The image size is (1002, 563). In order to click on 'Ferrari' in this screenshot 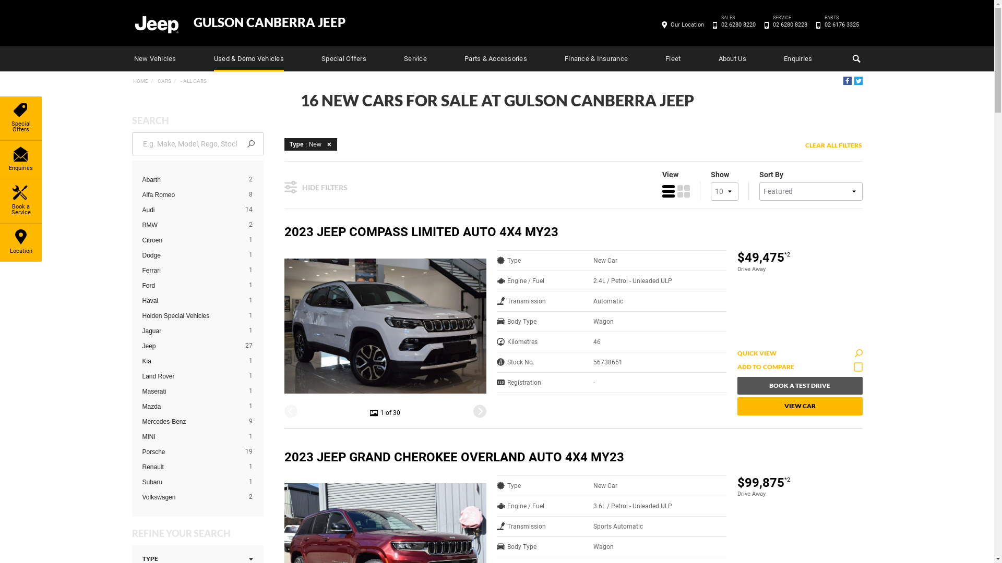, I will do `click(141, 270)`.